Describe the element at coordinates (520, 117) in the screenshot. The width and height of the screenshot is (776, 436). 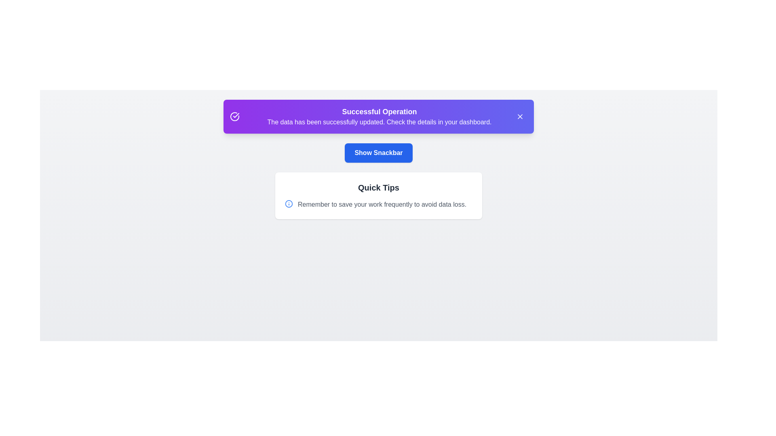
I see `close button (X) in the snackbar to hide it` at that location.